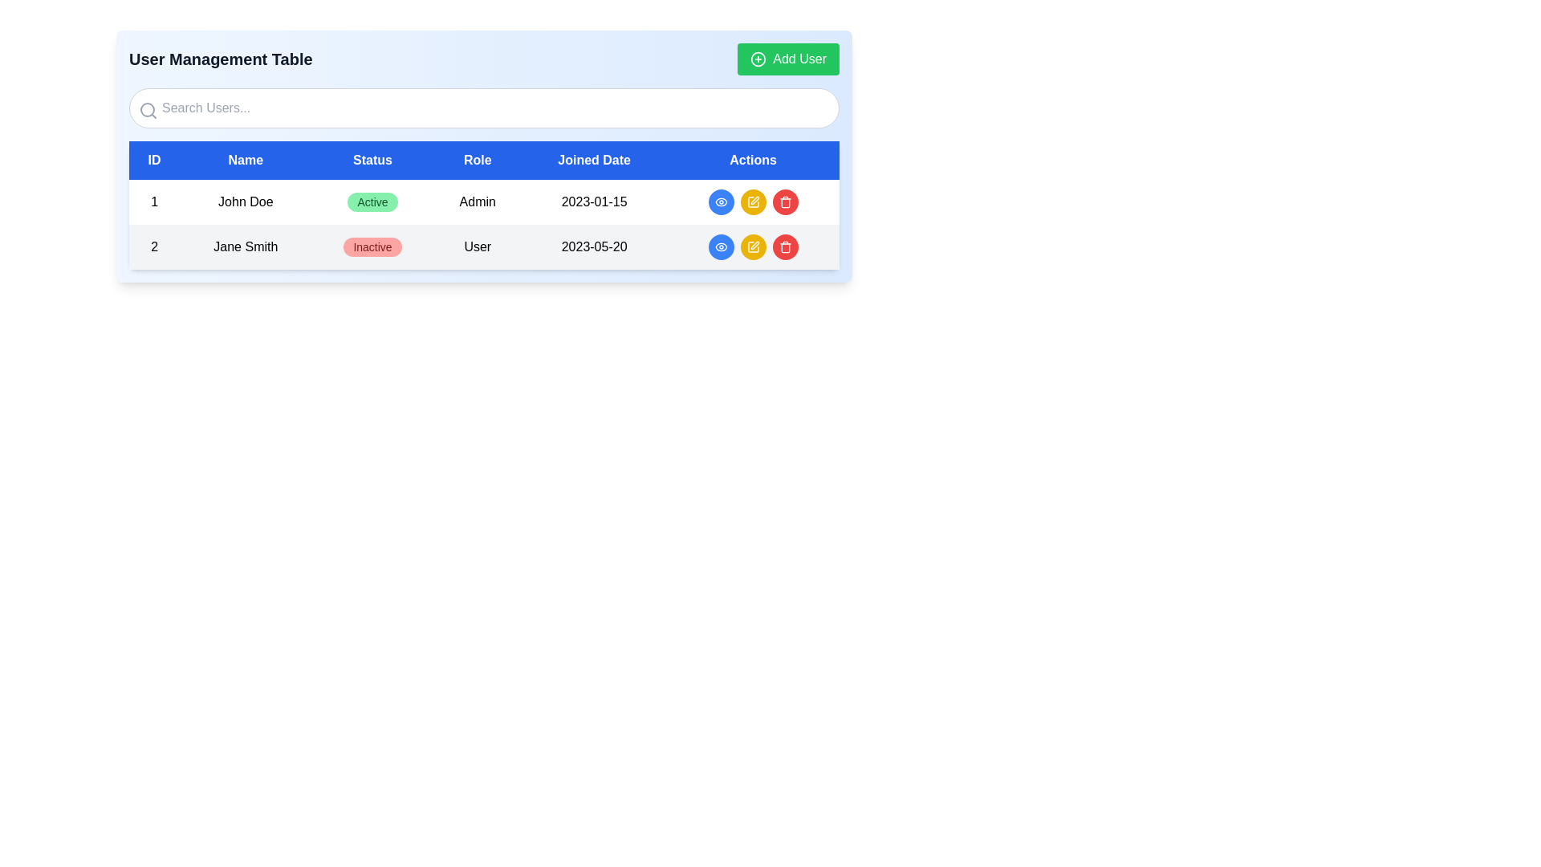 The width and height of the screenshot is (1541, 867). What do you see at coordinates (372, 201) in the screenshot?
I see `the 'Active' badge UI component in the Status column of the table to navigate through keyboard` at bounding box center [372, 201].